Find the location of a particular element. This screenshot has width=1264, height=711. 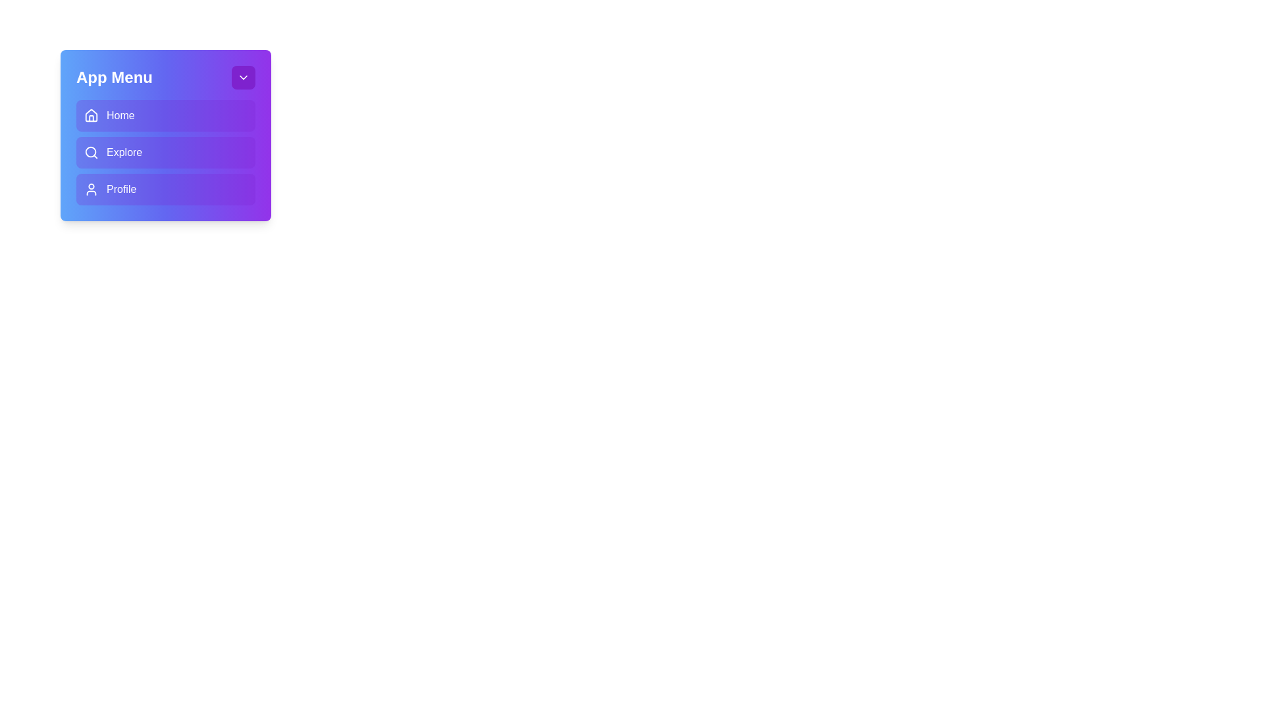

the downward-pointing chevron icon located at the top-right corner of the purple rounded square button within the 'App Menu' card is located at coordinates (243, 78).